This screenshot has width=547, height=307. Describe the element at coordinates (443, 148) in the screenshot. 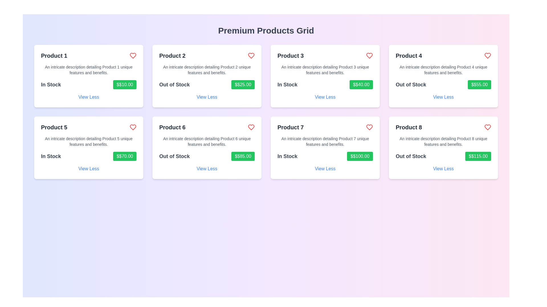

I see `the price of 'Product 8' in the product information card` at that location.